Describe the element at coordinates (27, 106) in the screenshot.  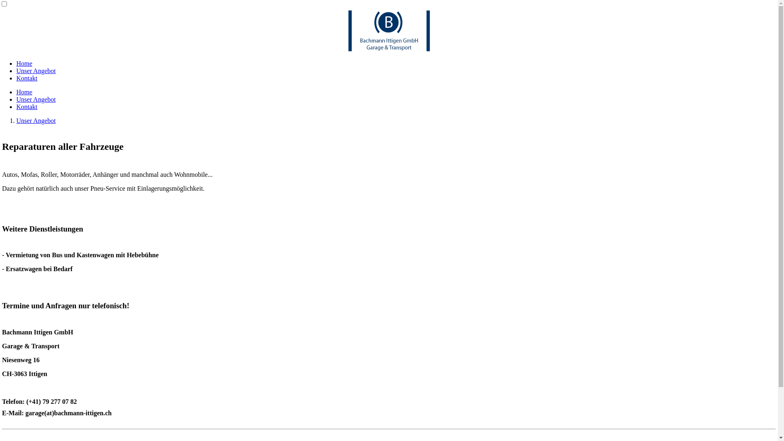
I see `'Kontakt'` at that location.